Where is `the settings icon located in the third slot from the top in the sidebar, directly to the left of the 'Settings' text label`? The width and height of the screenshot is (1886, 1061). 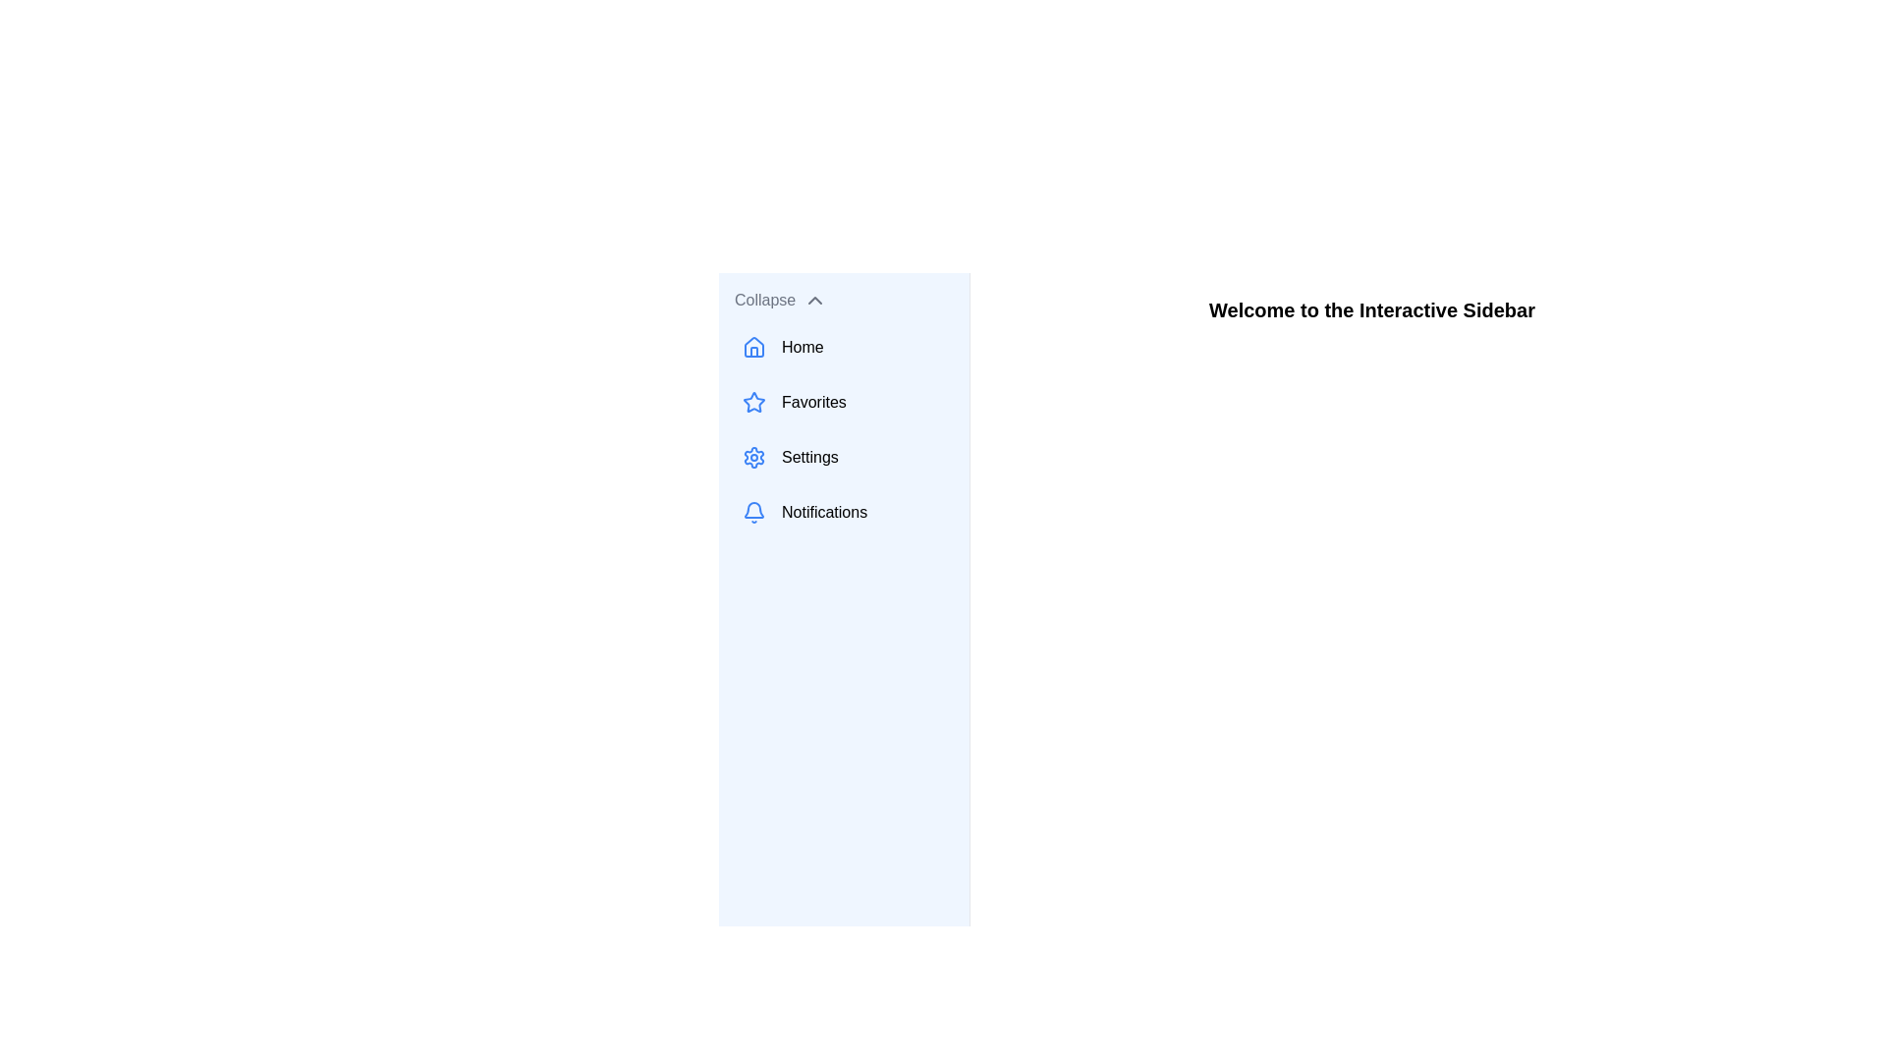
the settings icon located in the third slot from the top in the sidebar, directly to the left of the 'Settings' text label is located at coordinates (753, 458).